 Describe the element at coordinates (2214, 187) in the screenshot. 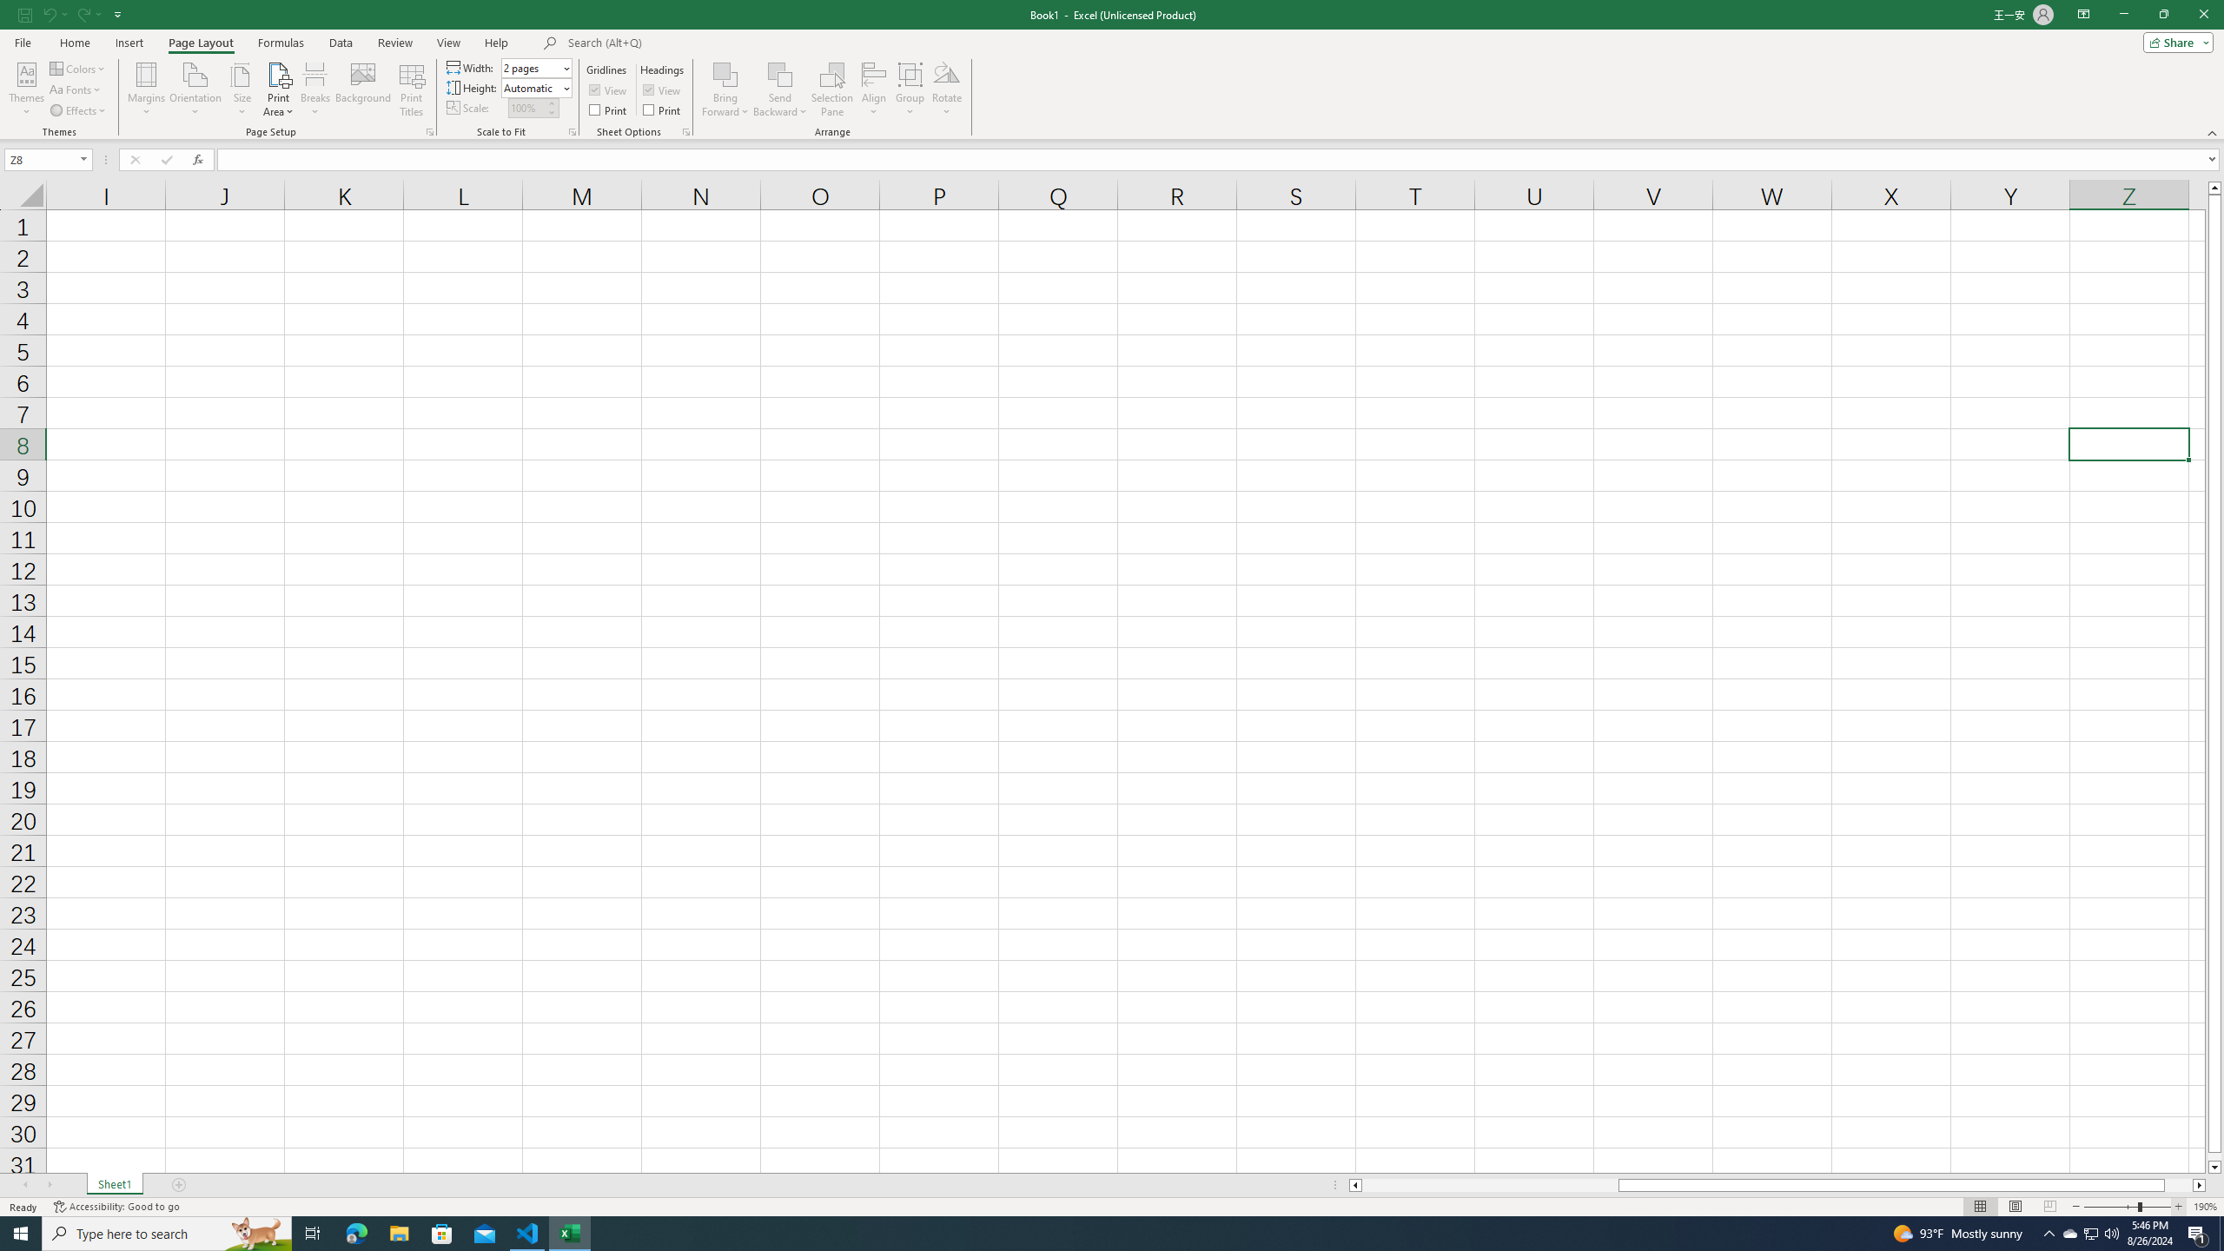

I see `'Line up'` at that location.